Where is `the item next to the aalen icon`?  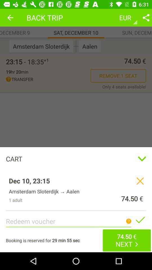
the item next to the aalen icon is located at coordinates (76, 46).